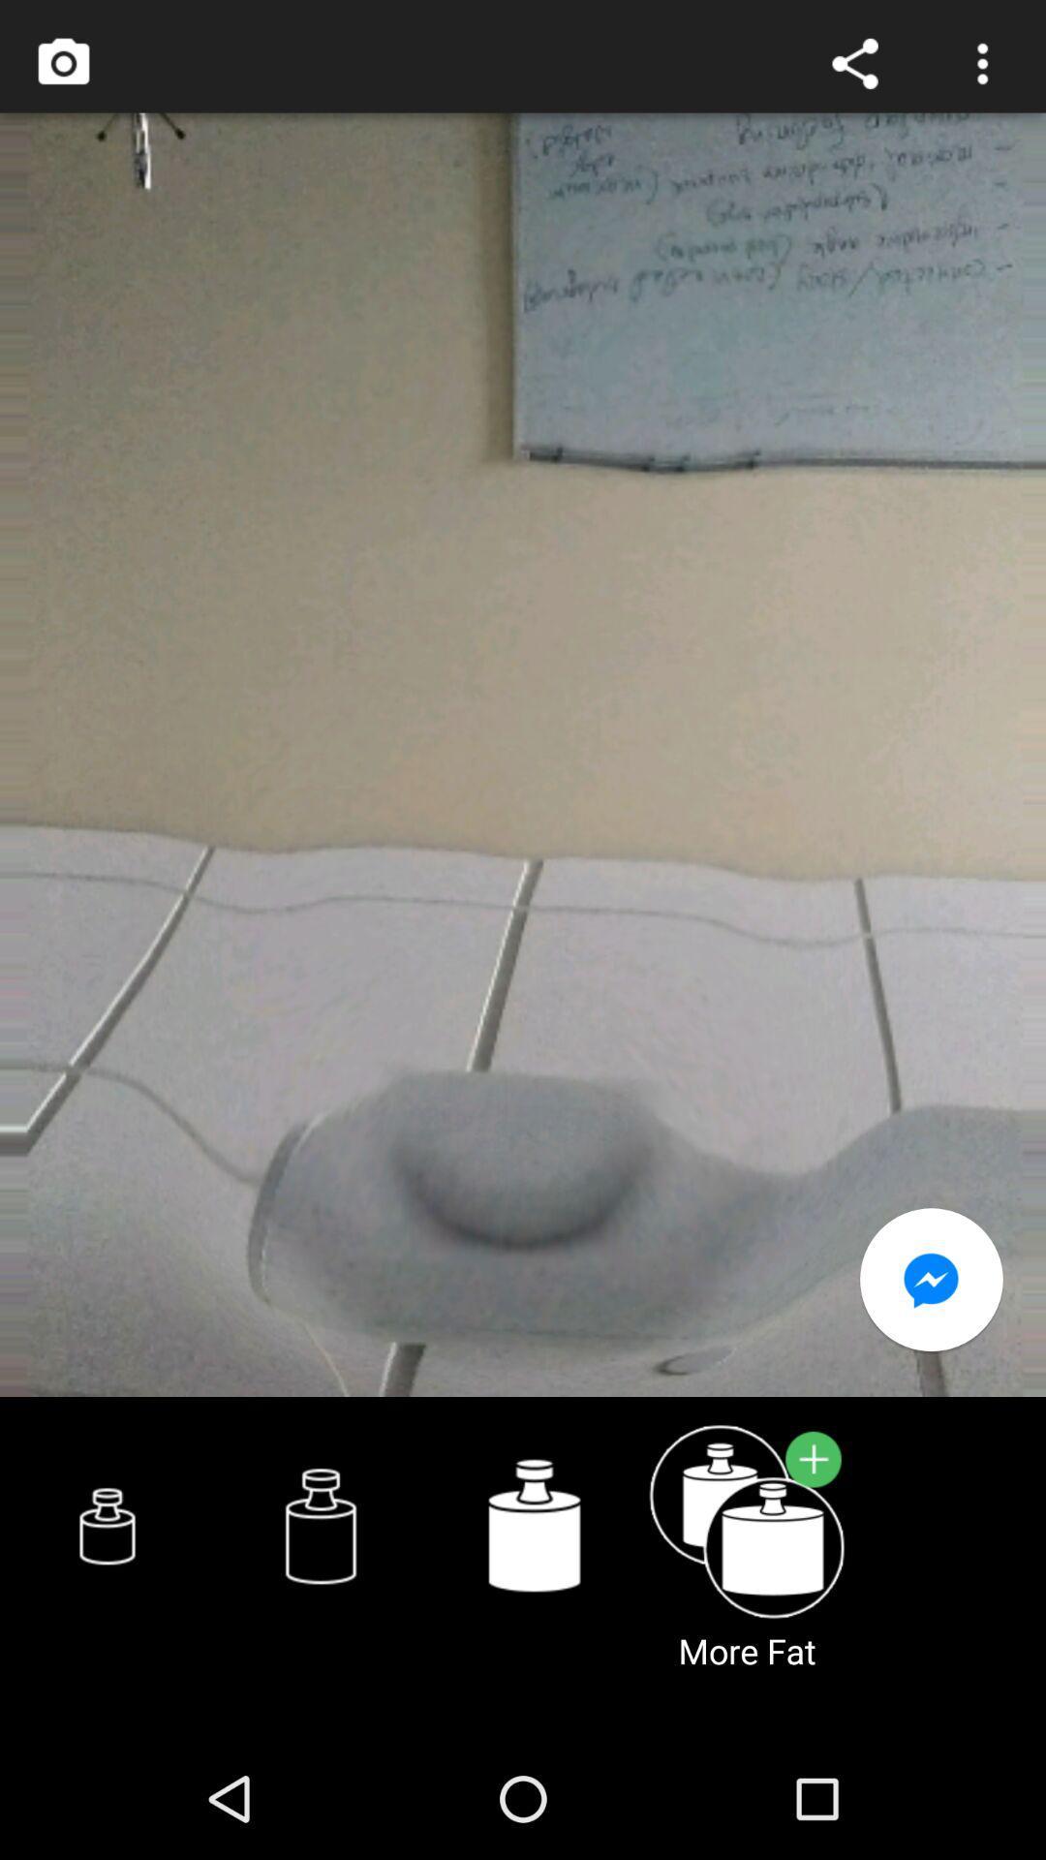 The image size is (1046, 1860). What do you see at coordinates (854, 68) in the screenshot?
I see `the share icon` at bounding box center [854, 68].